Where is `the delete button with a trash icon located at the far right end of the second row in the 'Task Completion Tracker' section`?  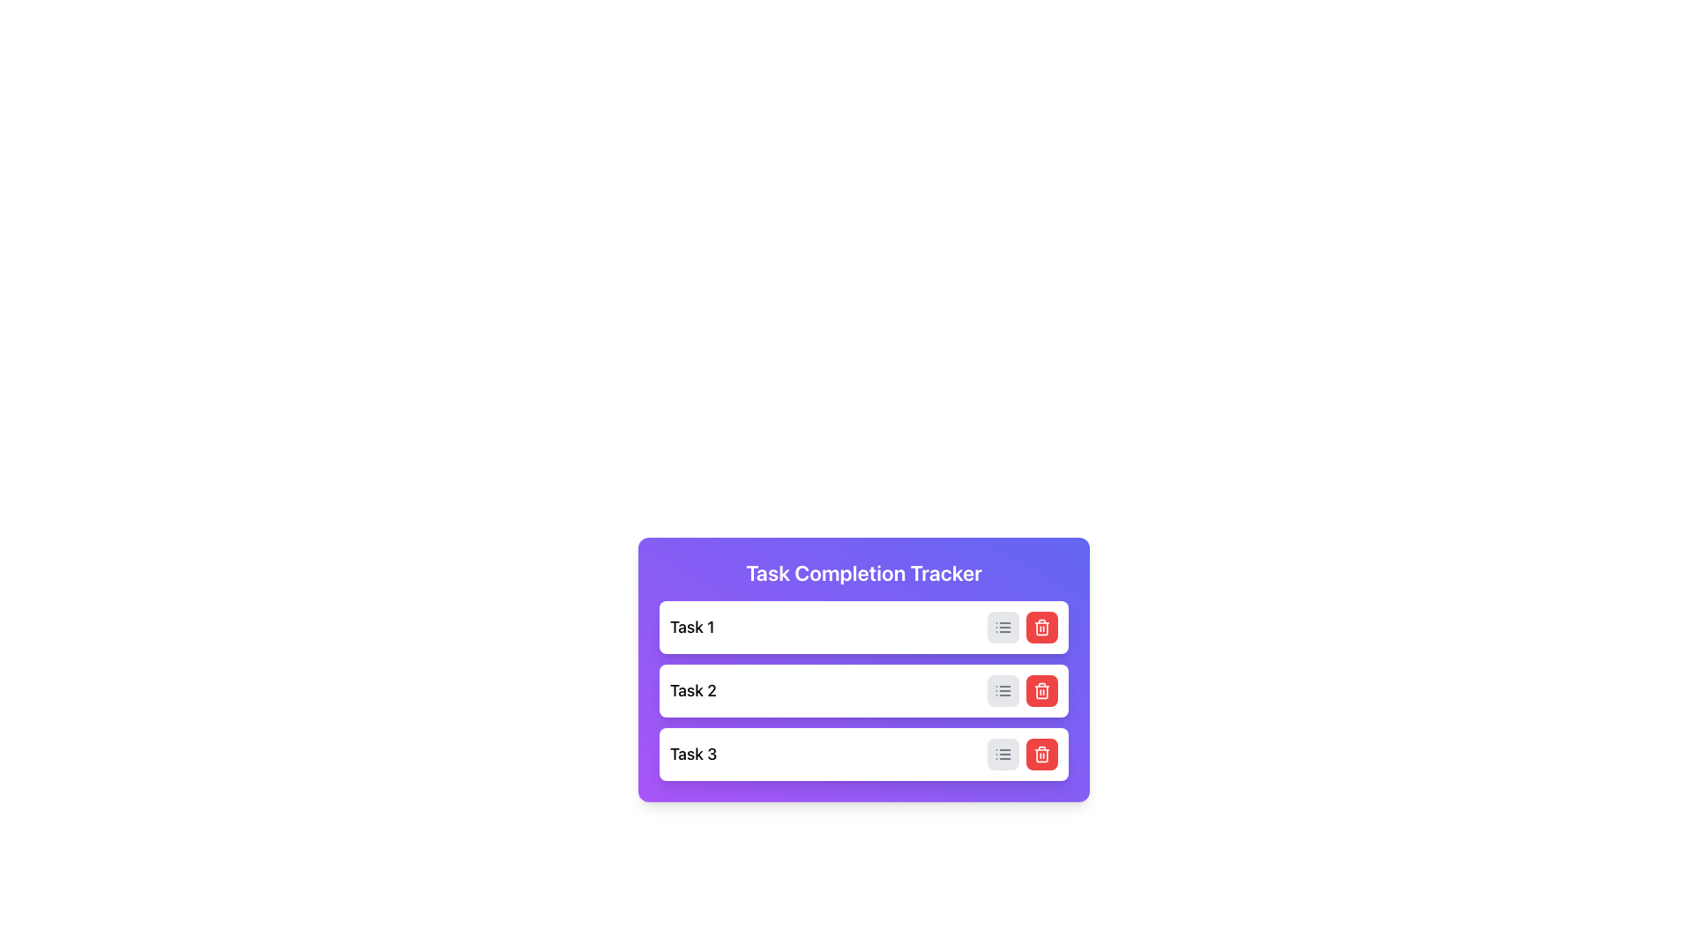
the delete button with a trash icon located at the far right end of the second row in the 'Task Completion Tracker' section is located at coordinates (1041, 627).